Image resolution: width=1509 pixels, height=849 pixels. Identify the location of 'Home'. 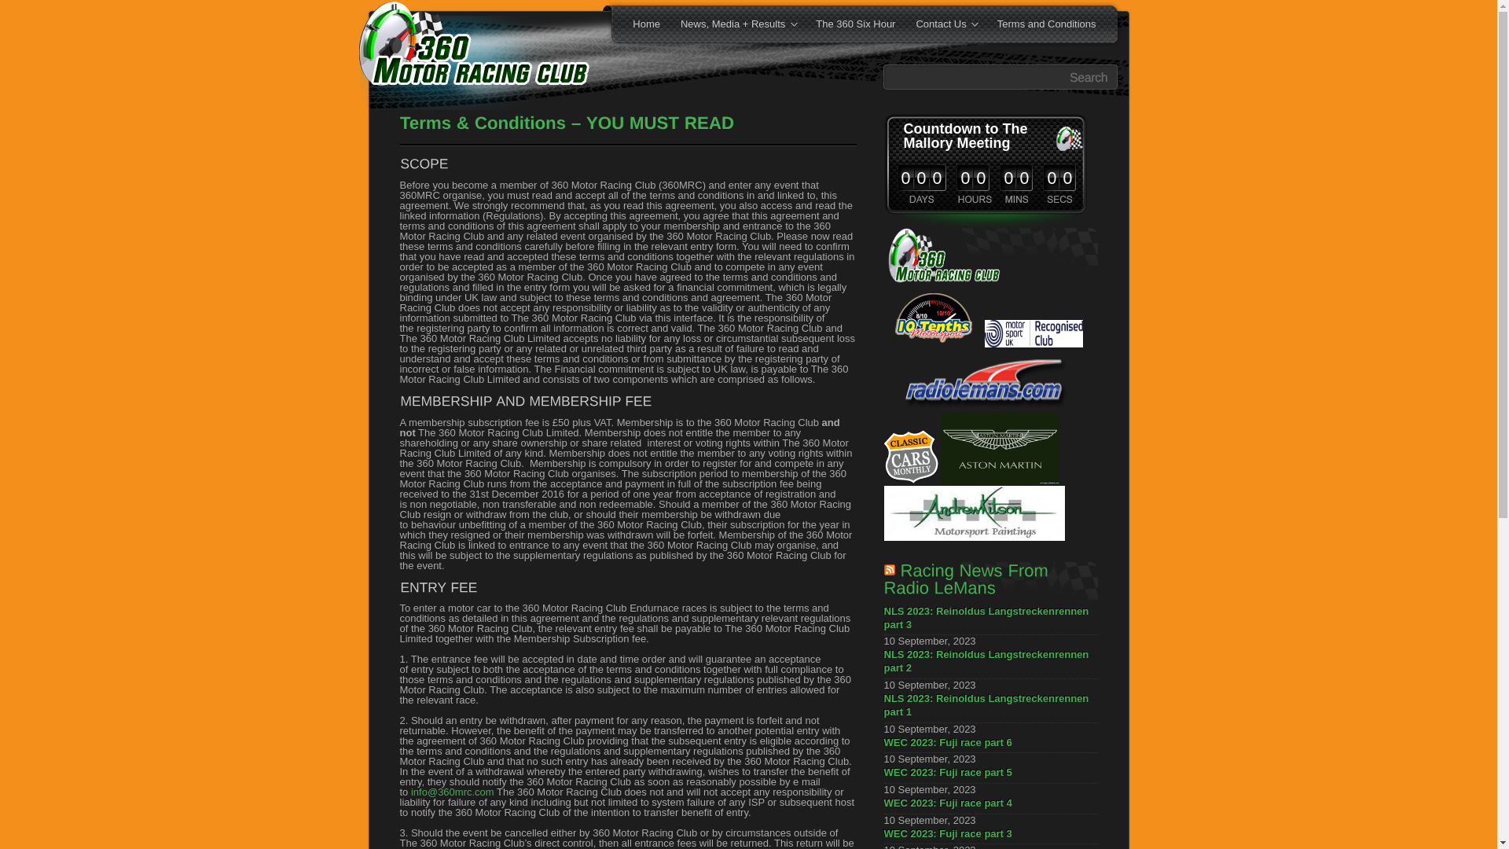
(646, 24).